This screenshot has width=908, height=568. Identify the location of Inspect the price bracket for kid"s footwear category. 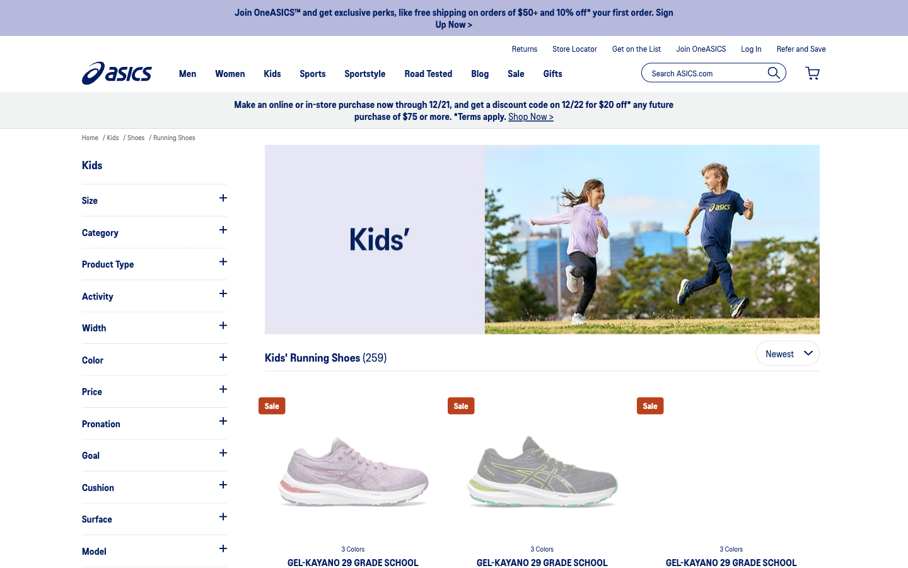
(153, 391).